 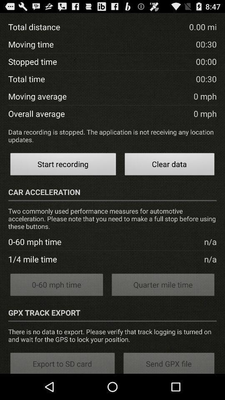 What do you see at coordinates (169, 362) in the screenshot?
I see `button to the right of the export to sd icon` at bounding box center [169, 362].